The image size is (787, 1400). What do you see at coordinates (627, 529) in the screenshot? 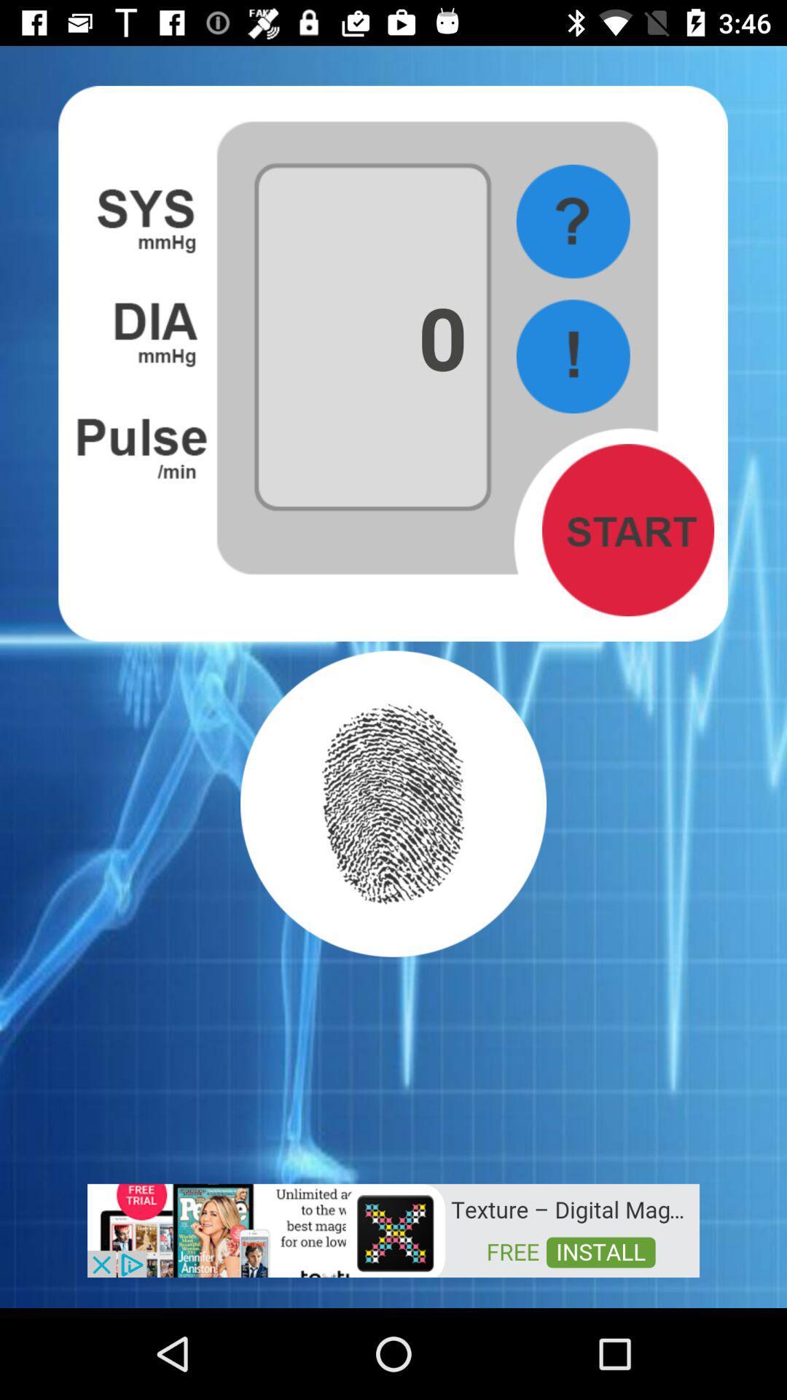
I see `start button` at bounding box center [627, 529].